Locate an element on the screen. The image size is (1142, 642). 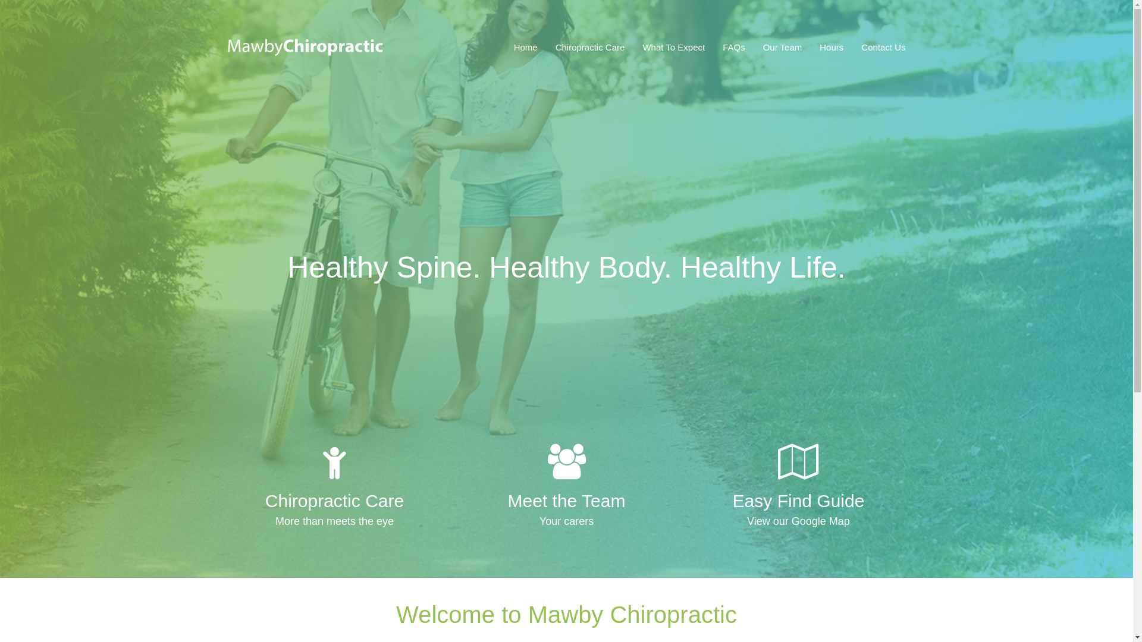
'What To Expect' is located at coordinates (673, 47).